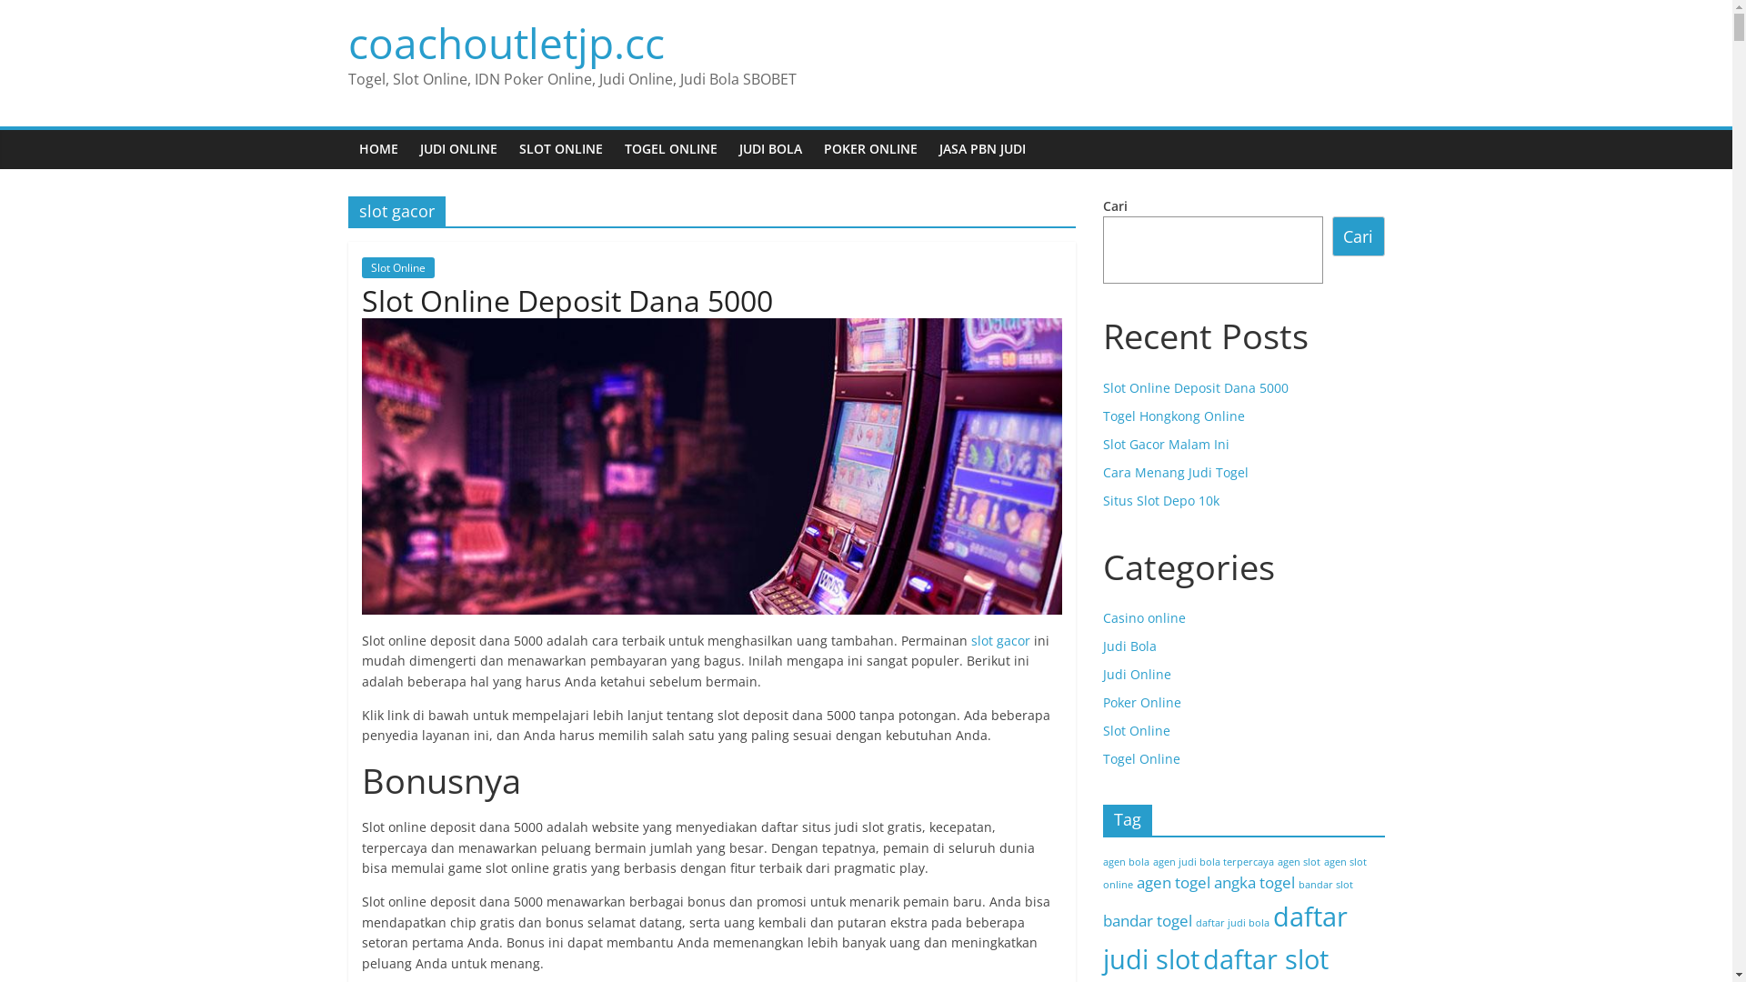 The width and height of the screenshot is (1746, 982). What do you see at coordinates (1139, 758) in the screenshot?
I see `'Togel Online'` at bounding box center [1139, 758].